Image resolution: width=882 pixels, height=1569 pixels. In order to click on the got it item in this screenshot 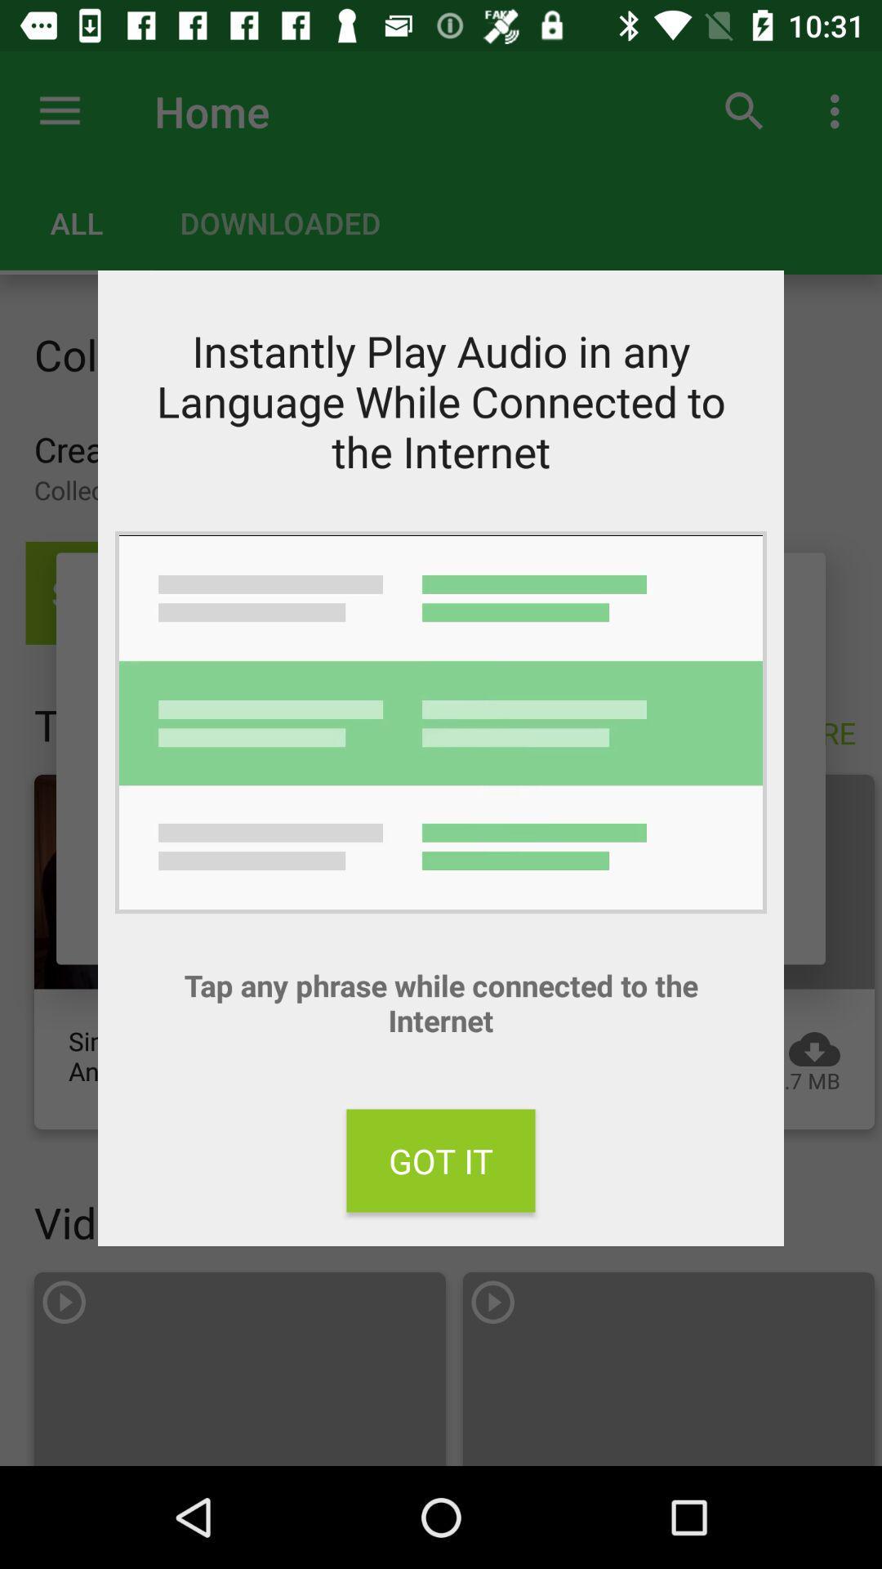, I will do `click(441, 1160)`.